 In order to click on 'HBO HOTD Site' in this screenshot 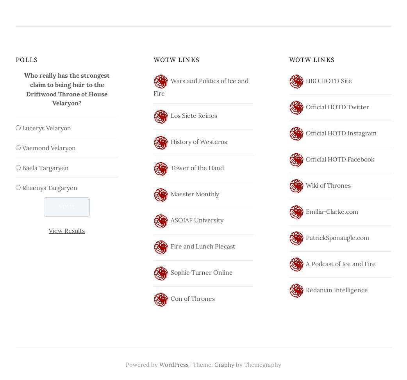, I will do `click(305, 80)`.